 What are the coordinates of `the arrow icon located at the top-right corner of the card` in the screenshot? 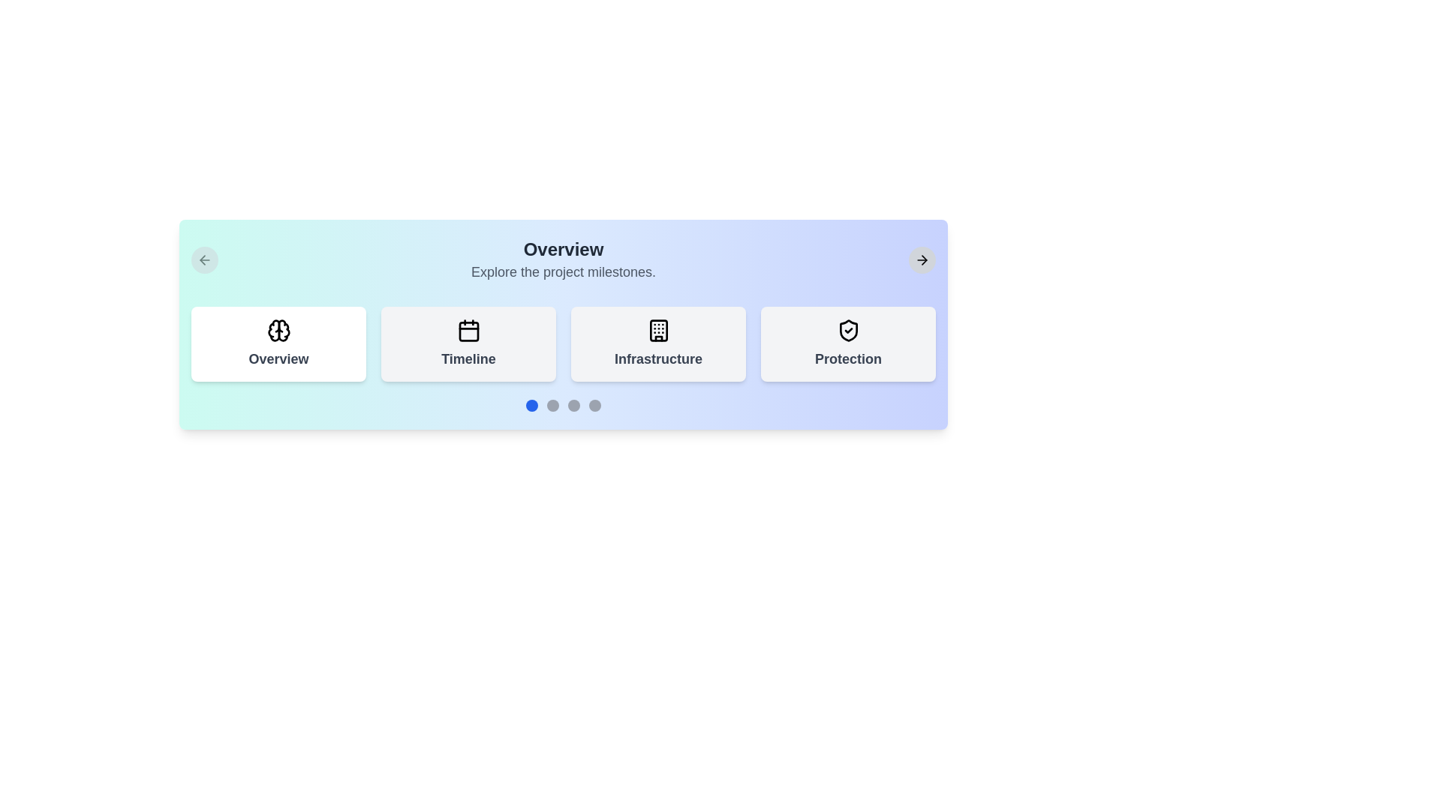 It's located at (921, 259).